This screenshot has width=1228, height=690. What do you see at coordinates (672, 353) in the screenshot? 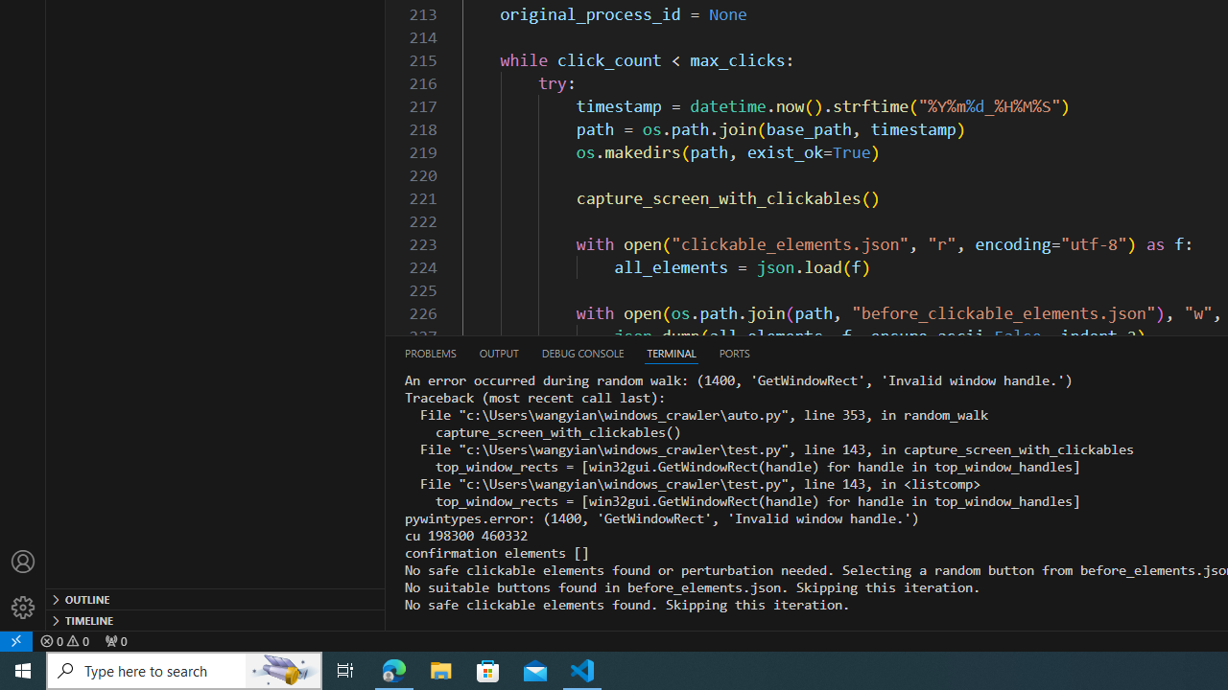
I see `'Terminal (Ctrl+`)'` at bounding box center [672, 353].